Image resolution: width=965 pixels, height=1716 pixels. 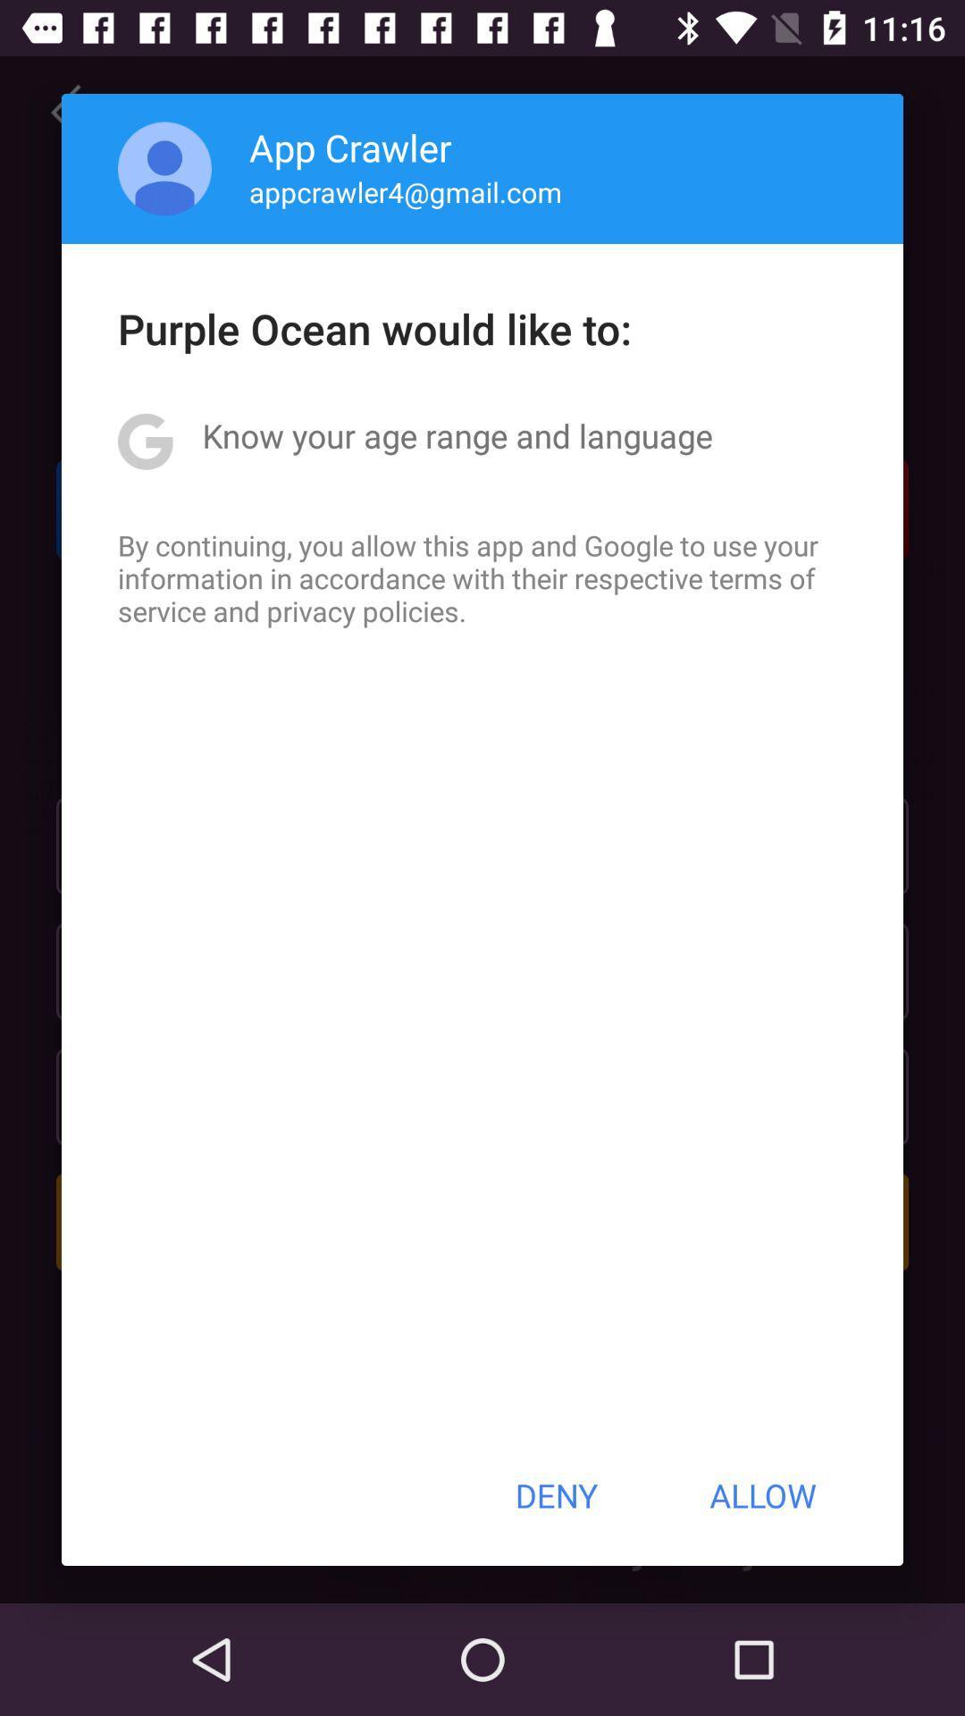 I want to click on the icon to the left of the allow button, so click(x=555, y=1495).